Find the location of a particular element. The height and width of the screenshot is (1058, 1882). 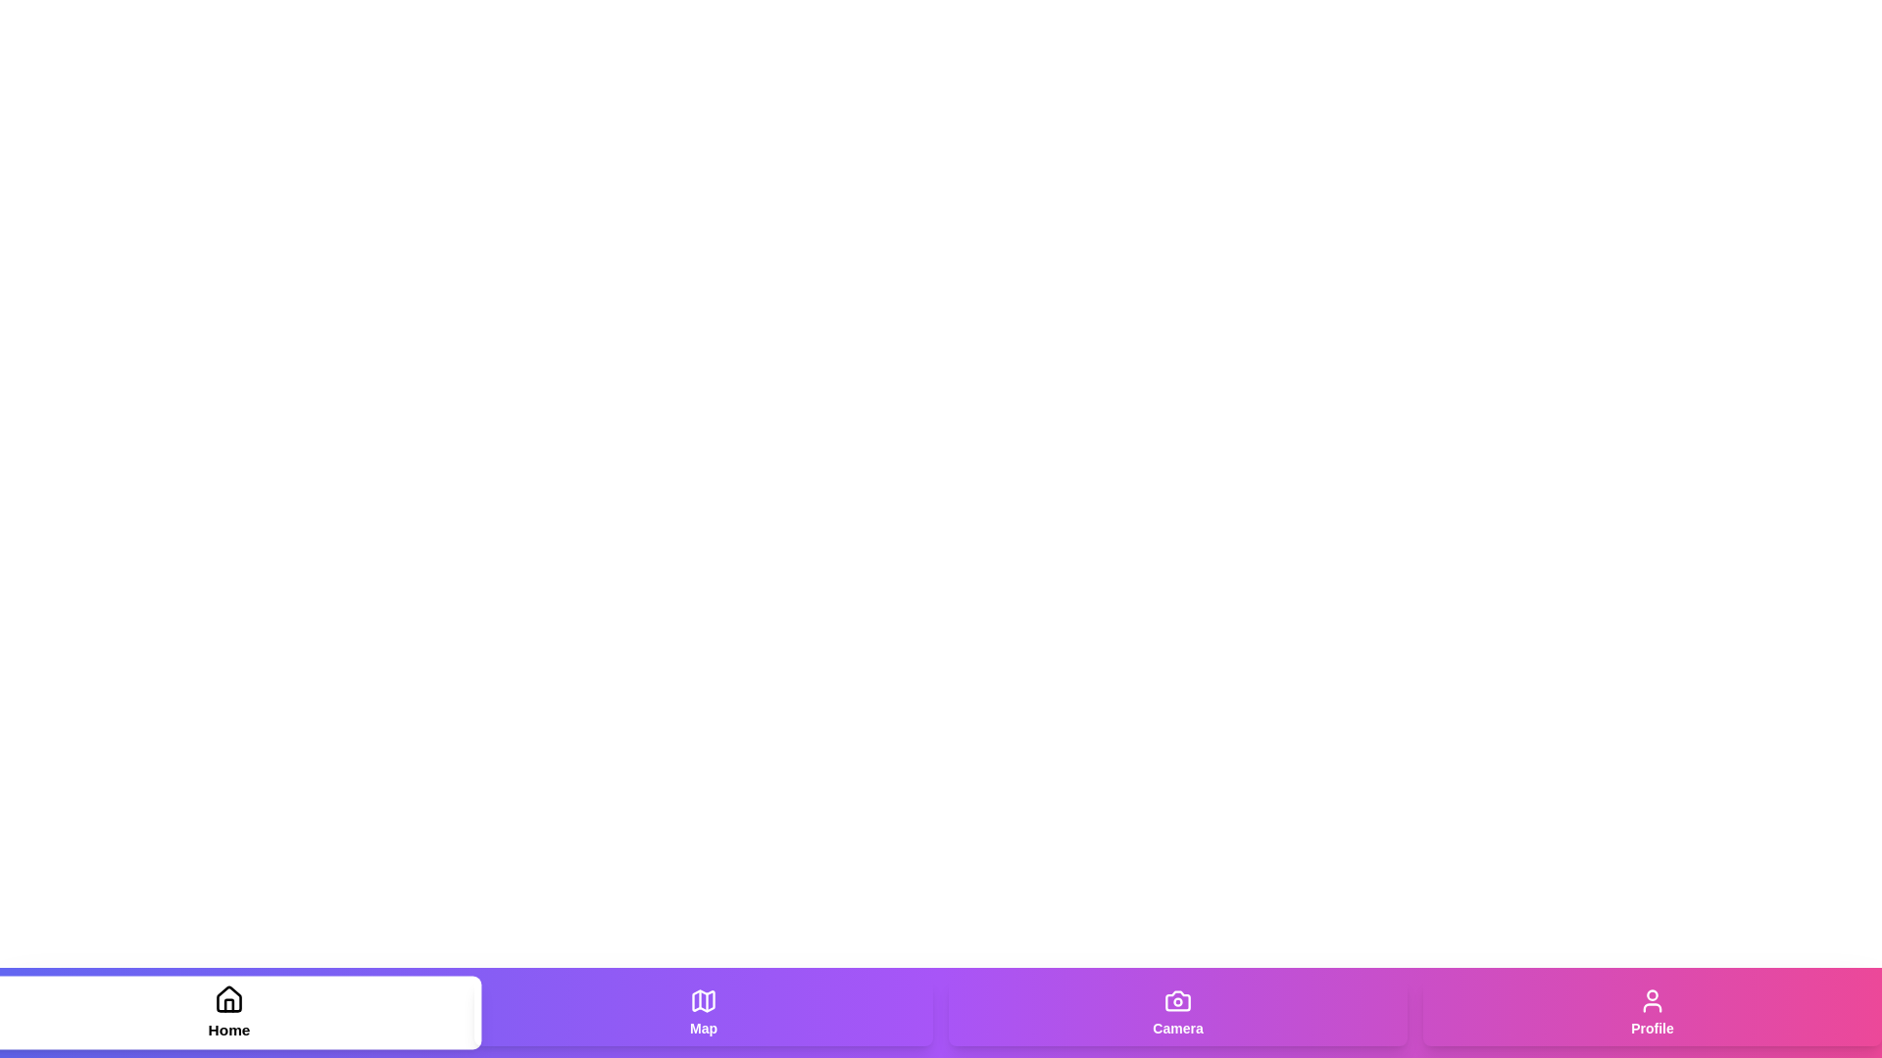

the Map tab to navigate to its section is located at coordinates (704, 1012).